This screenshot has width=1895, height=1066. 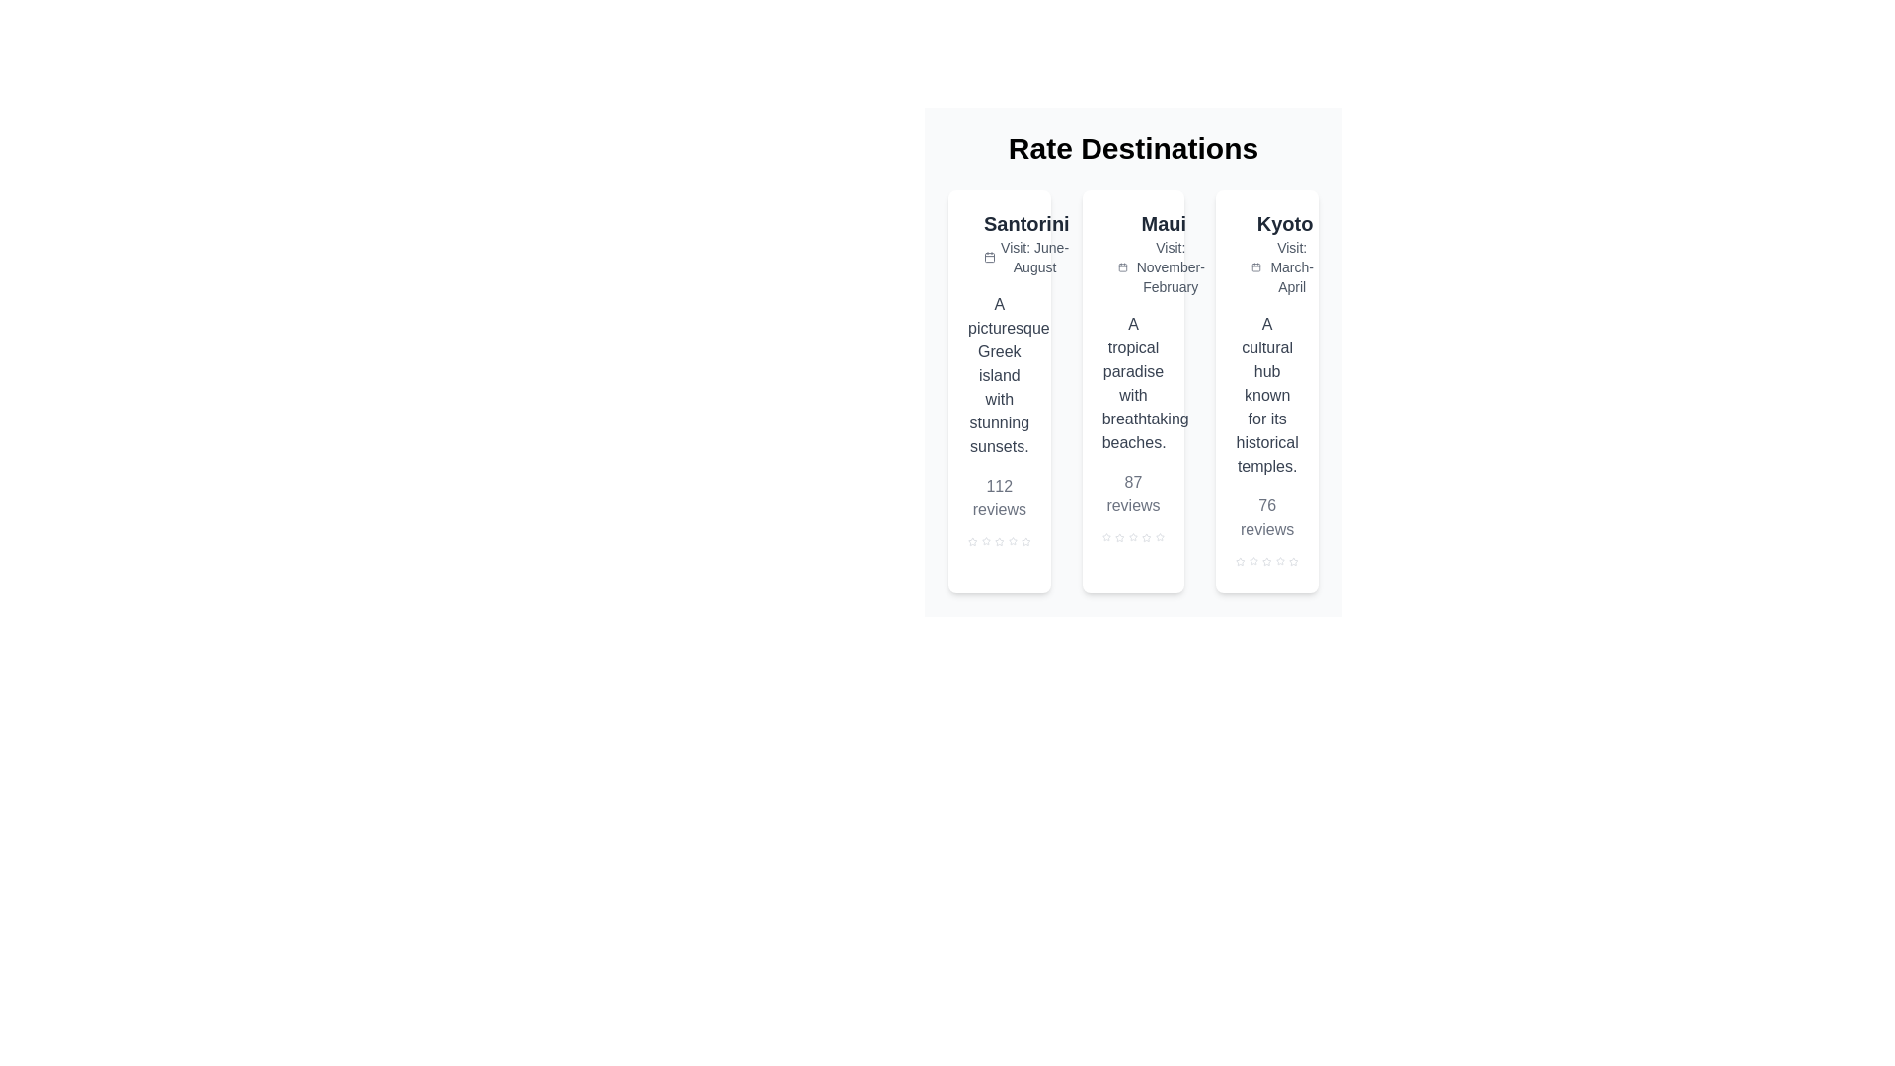 I want to click on textual description stating 'A picturesque Greek island with stunning sunsets.' which is centrally positioned below the title 'Santorini' in the card dedicated to 'Santorini', so click(x=999, y=376).